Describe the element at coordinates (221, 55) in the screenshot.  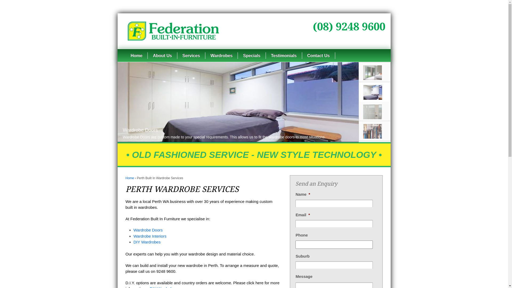
I see `'Wardrobes'` at that location.